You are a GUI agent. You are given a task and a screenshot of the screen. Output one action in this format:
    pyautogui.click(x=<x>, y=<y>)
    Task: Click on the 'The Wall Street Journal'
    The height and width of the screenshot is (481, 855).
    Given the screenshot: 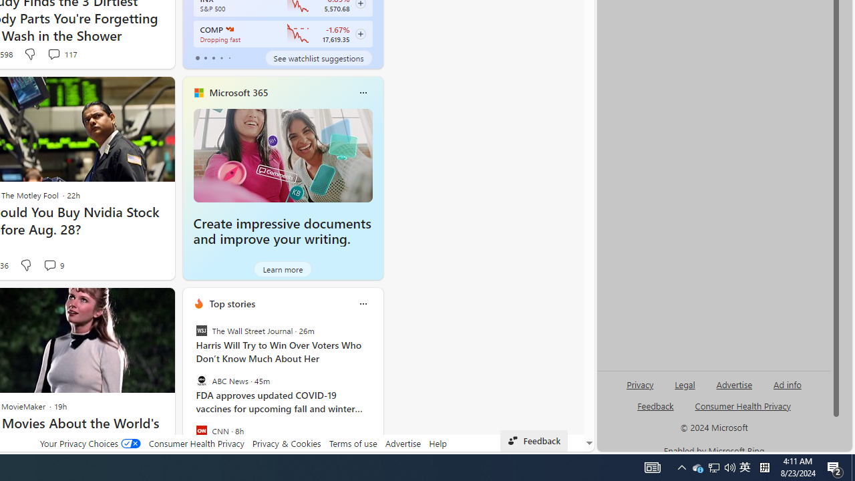 What is the action you would take?
    pyautogui.click(x=200, y=331)
    